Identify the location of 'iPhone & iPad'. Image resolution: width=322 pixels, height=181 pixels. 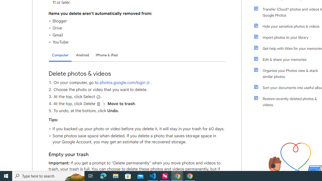
(106, 55).